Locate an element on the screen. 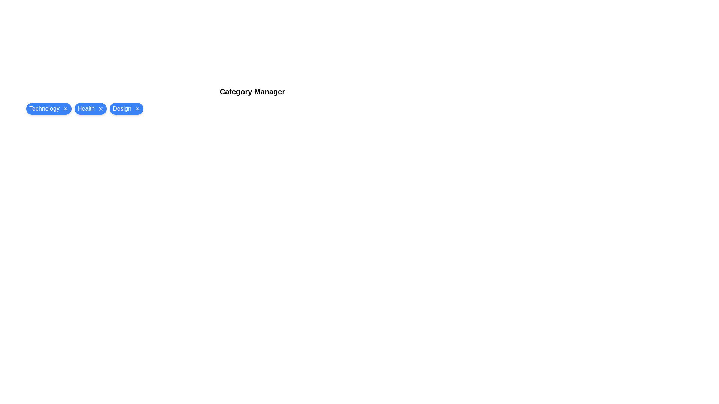  close button on the chip labeled Design is located at coordinates (137, 108).